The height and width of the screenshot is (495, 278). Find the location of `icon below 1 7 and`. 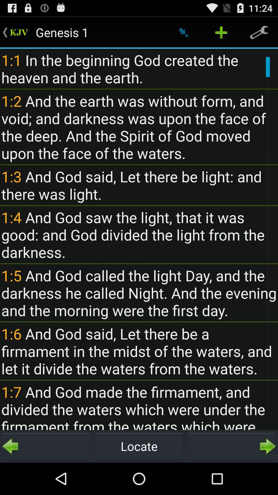

icon below 1 7 and is located at coordinates (231, 446).